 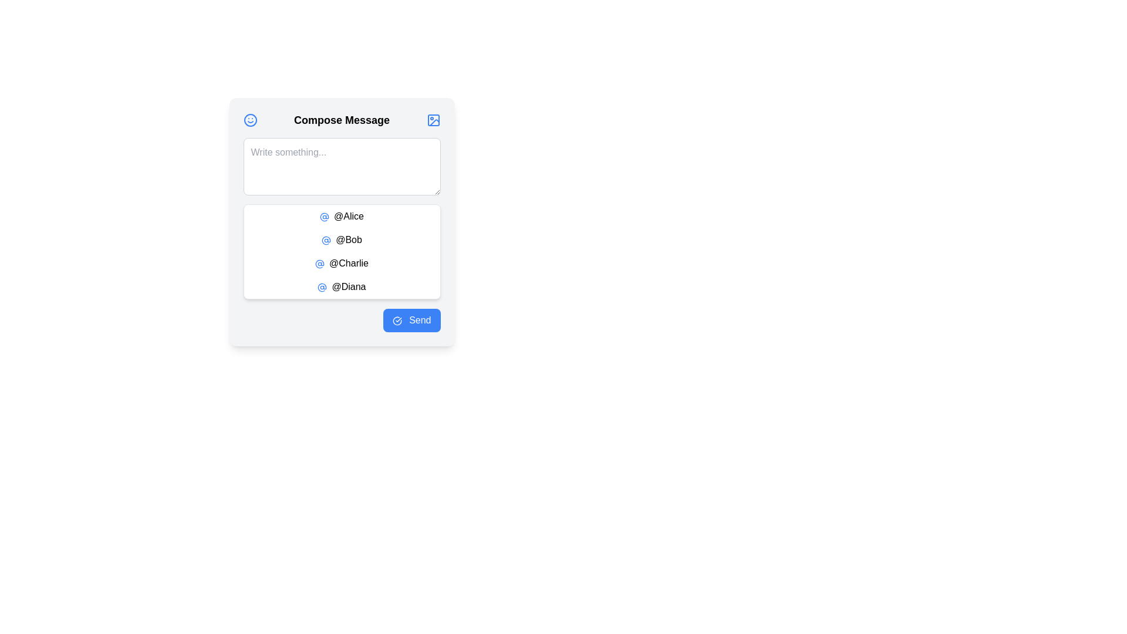 What do you see at coordinates (397, 321) in the screenshot?
I see `the icon located on the left edge of the 'Send' button, which symbolizes confirmation or completion` at bounding box center [397, 321].